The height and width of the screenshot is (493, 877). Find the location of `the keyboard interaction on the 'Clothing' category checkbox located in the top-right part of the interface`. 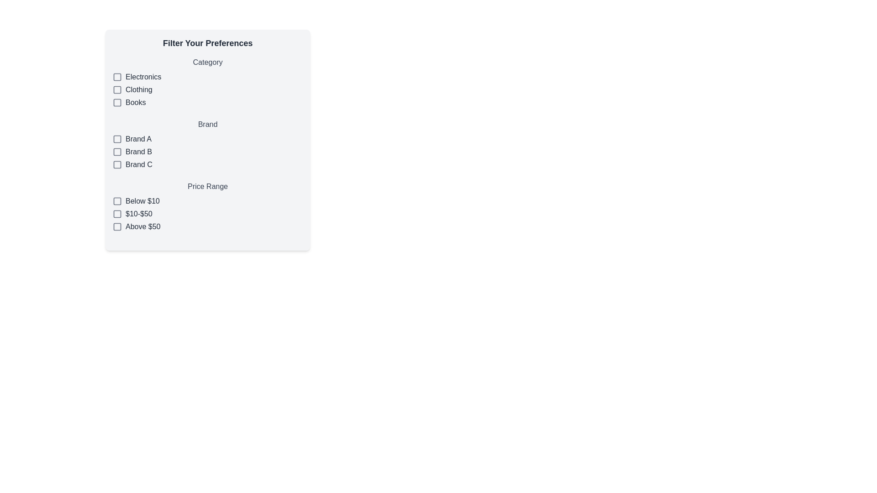

the keyboard interaction on the 'Clothing' category checkbox located in the top-right part of the interface is located at coordinates (117, 89).